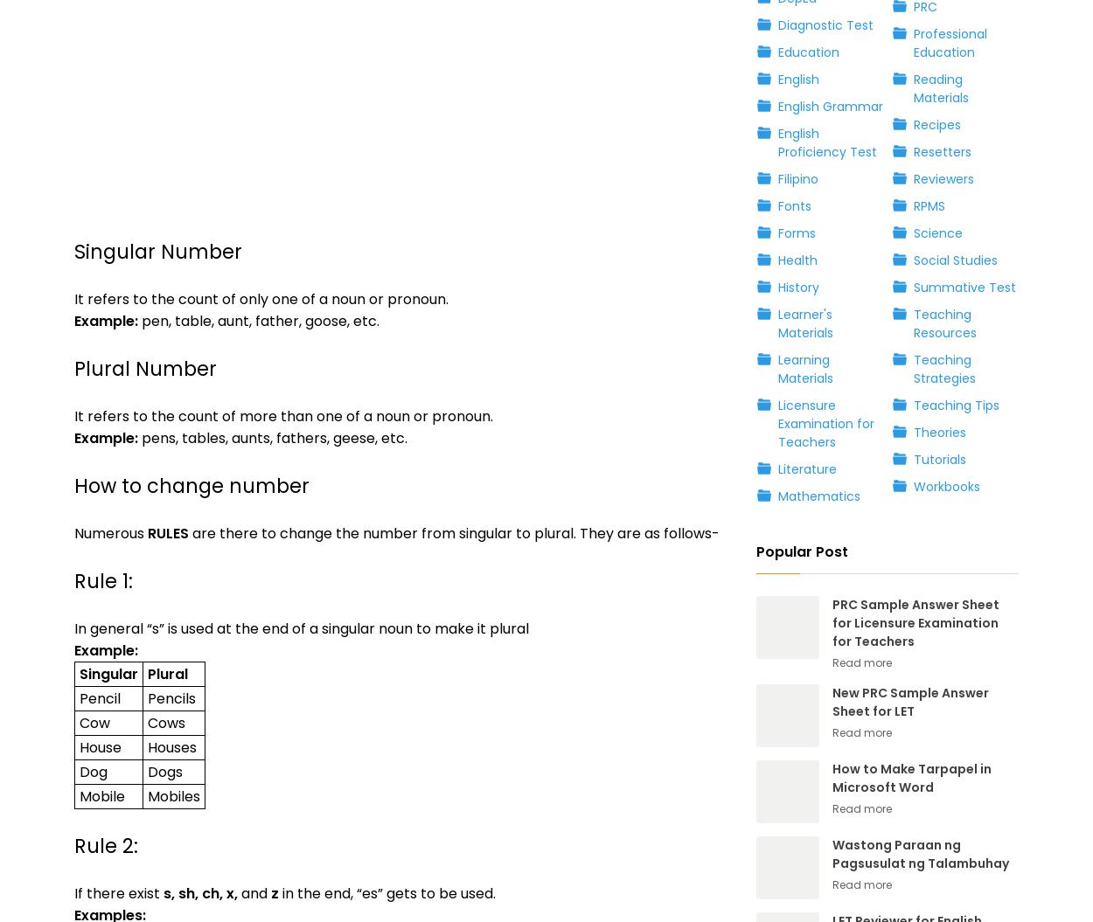 Image resolution: width=1093 pixels, height=922 pixels. Describe the element at coordinates (285, 558) in the screenshot. I see `'Apostrophe'` at that location.